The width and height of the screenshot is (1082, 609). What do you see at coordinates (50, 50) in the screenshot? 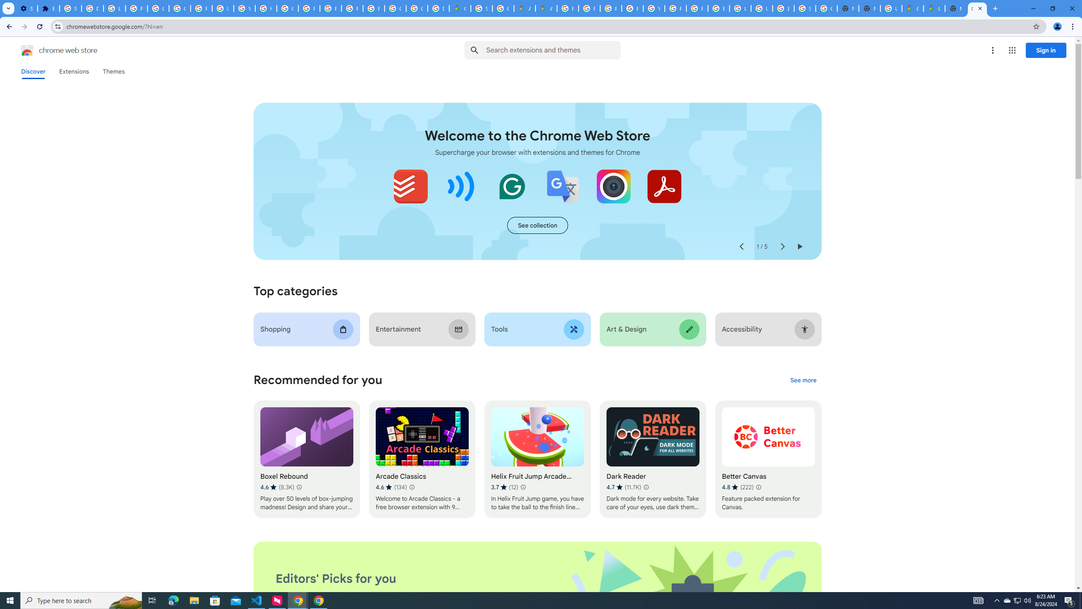
I see `'Chrome Web Store logo chrome web store'` at bounding box center [50, 50].